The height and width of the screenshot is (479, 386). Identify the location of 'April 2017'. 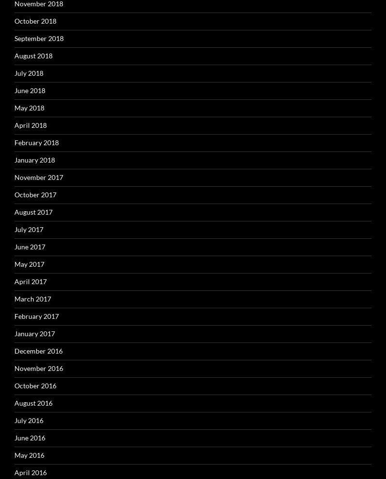
(14, 281).